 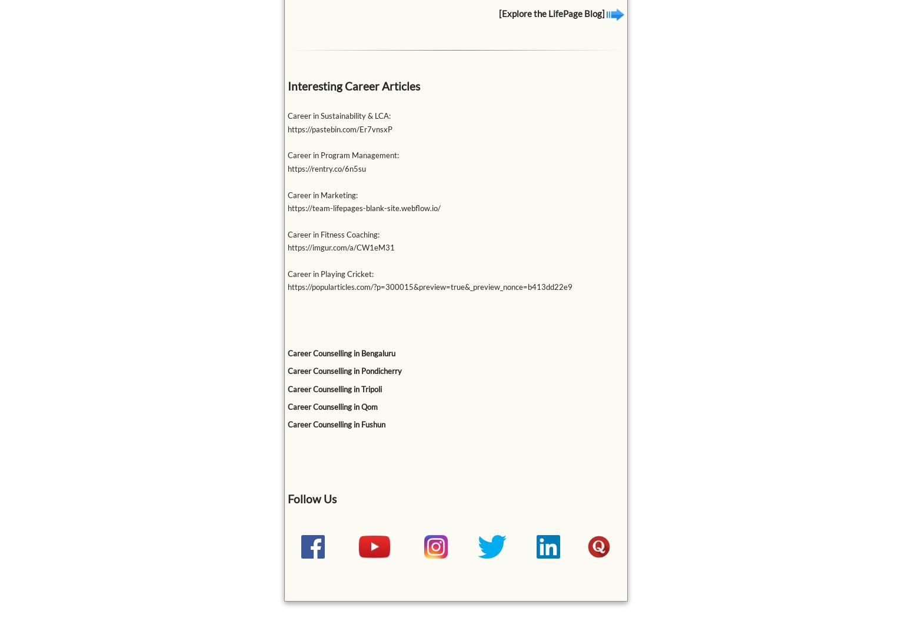 I want to click on 'Career Counselling in Pondicherry', so click(x=344, y=370).